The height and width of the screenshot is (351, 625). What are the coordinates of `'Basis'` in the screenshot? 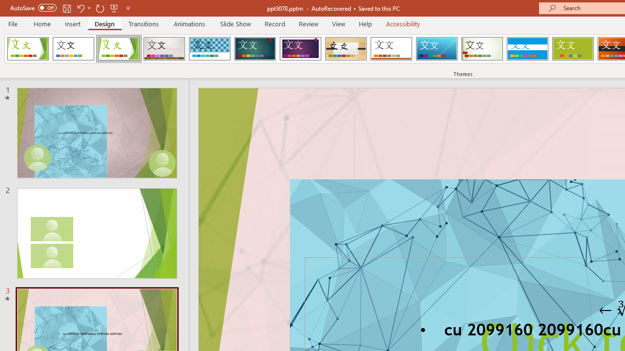 It's located at (573, 49).